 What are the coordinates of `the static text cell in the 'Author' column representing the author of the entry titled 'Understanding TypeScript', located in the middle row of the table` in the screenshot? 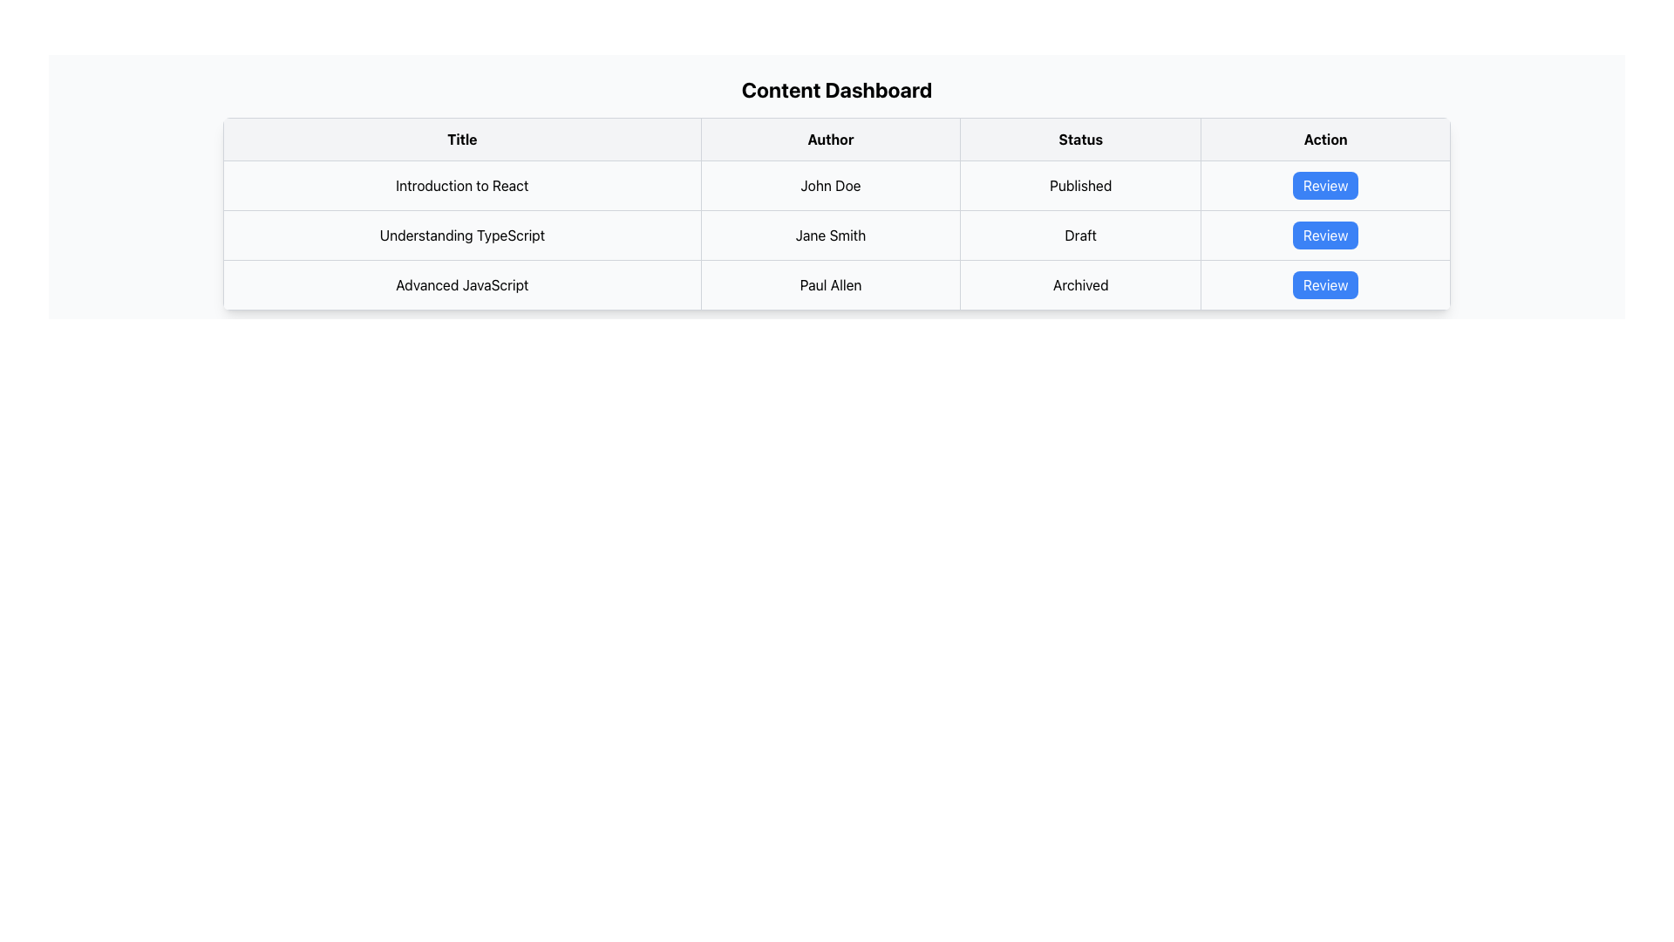 It's located at (829, 235).